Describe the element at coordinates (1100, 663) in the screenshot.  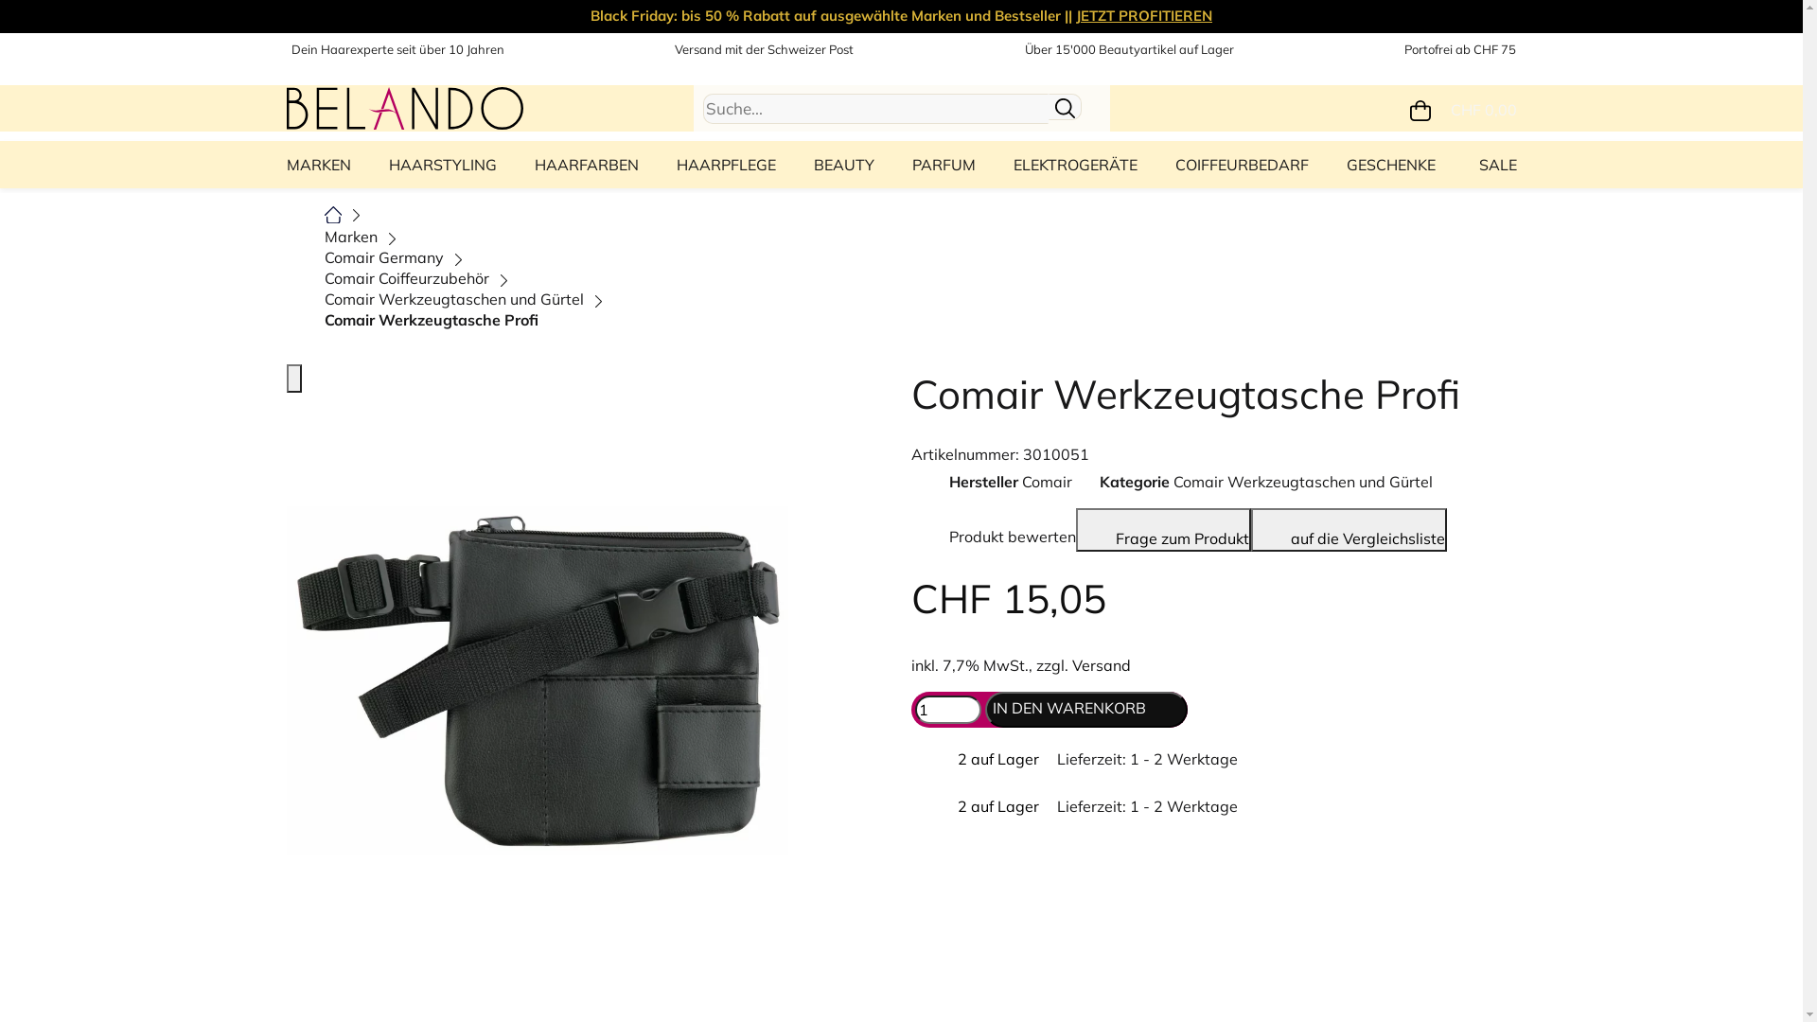
I see `'Versand'` at that location.